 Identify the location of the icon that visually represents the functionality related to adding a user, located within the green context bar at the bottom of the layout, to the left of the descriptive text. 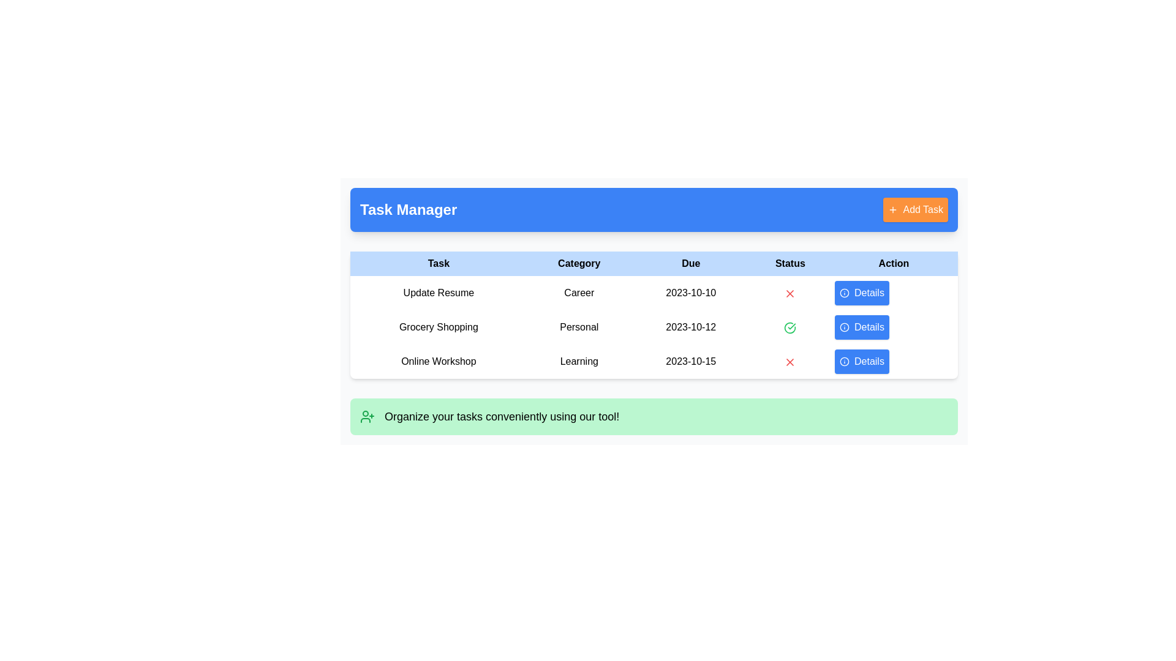
(367, 416).